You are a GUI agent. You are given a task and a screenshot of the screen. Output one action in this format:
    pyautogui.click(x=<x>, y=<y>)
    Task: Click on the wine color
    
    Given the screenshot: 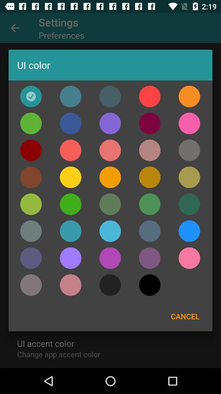 What is the action you would take?
    pyautogui.click(x=149, y=123)
    